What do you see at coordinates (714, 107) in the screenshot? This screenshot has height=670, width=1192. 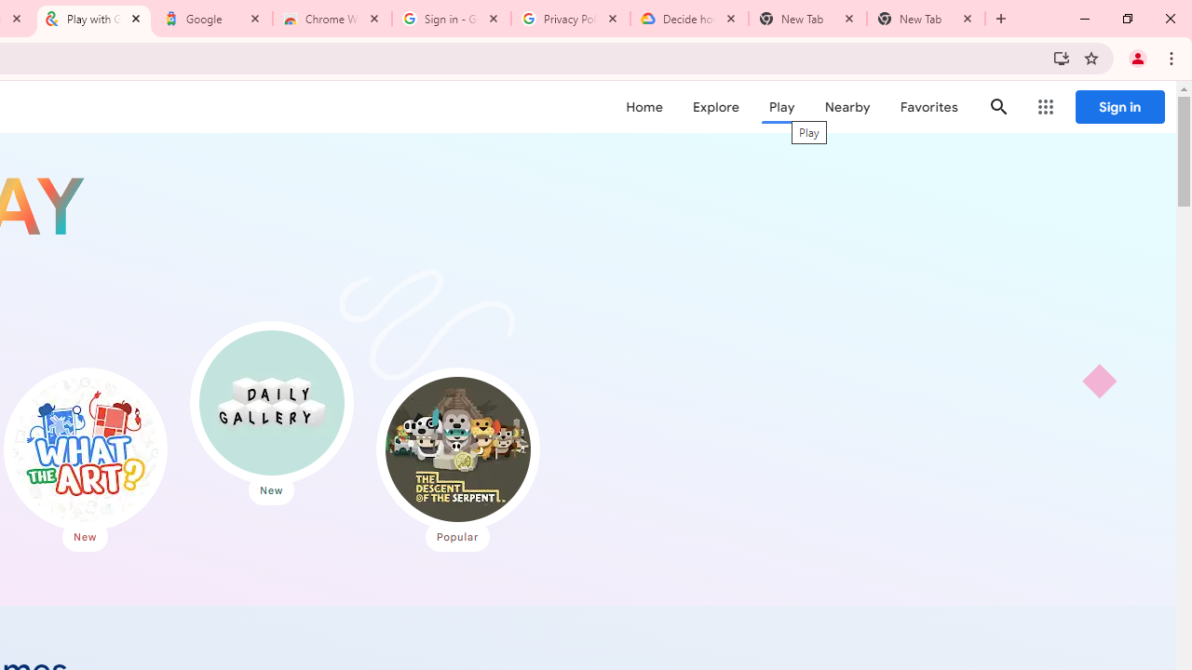 I see `'Explore'` at bounding box center [714, 107].